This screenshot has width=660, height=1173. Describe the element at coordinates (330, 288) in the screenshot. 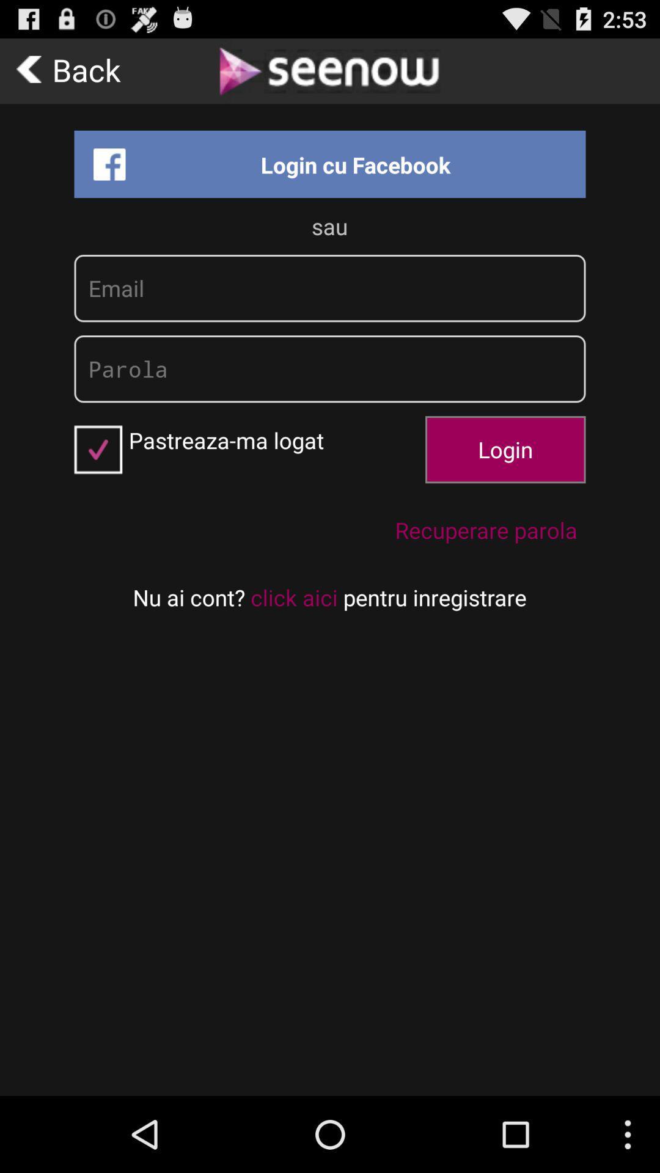

I see `insert email` at that location.